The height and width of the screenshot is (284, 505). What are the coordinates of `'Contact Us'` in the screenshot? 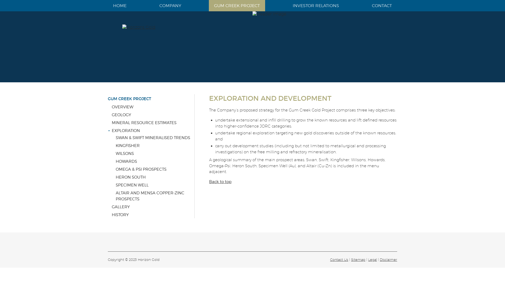 It's located at (339, 259).